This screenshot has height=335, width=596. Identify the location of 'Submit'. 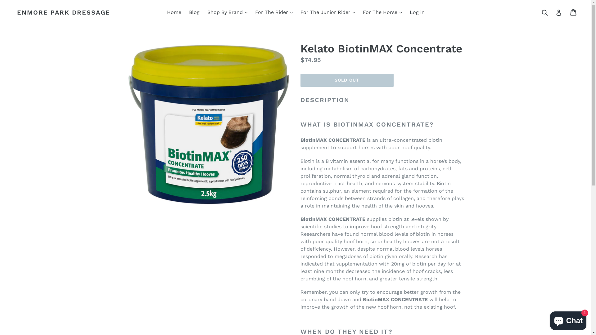
(544, 12).